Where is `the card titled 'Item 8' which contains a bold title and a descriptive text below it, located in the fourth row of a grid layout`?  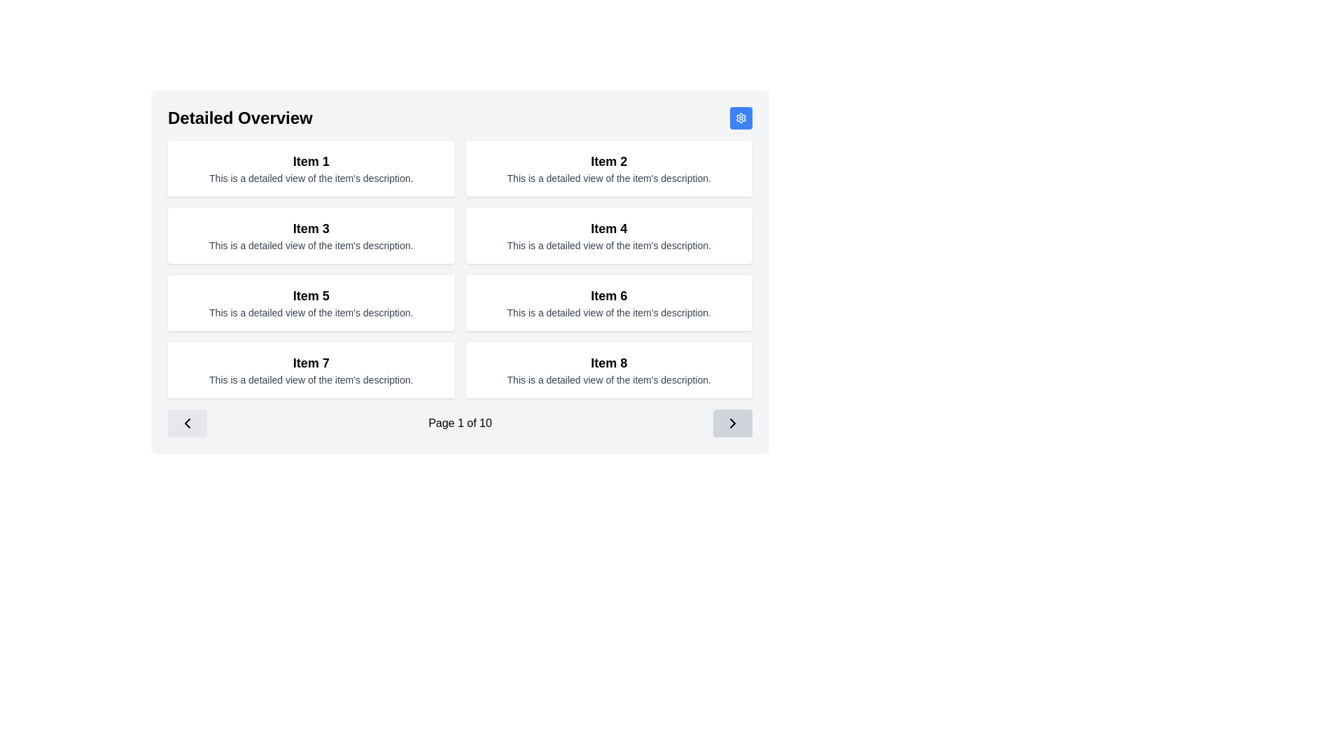 the card titled 'Item 8' which contains a bold title and a descriptive text below it, located in the fourth row of a grid layout is located at coordinates (609, 369).